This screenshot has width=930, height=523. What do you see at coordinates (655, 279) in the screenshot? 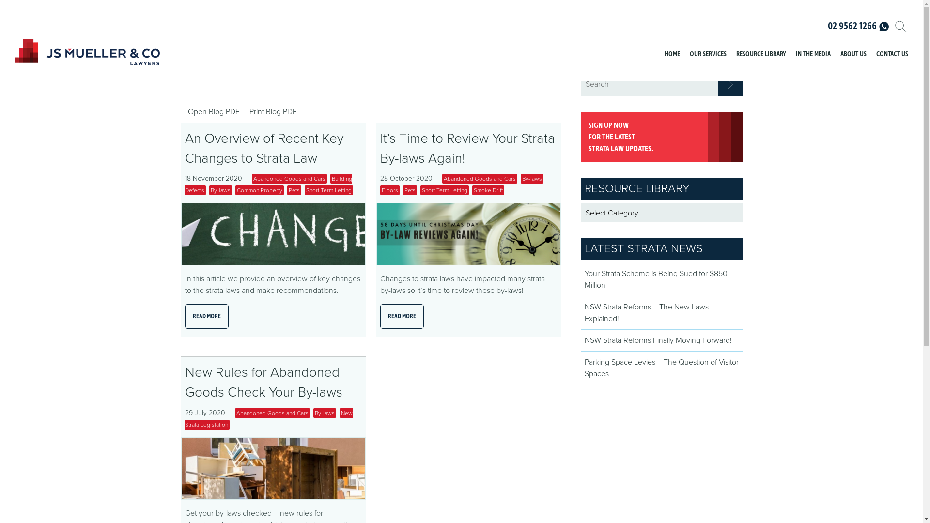
I see `'Your Strata Scheme is Being Sued for $850 Million'` at bounding box center [655, 279].